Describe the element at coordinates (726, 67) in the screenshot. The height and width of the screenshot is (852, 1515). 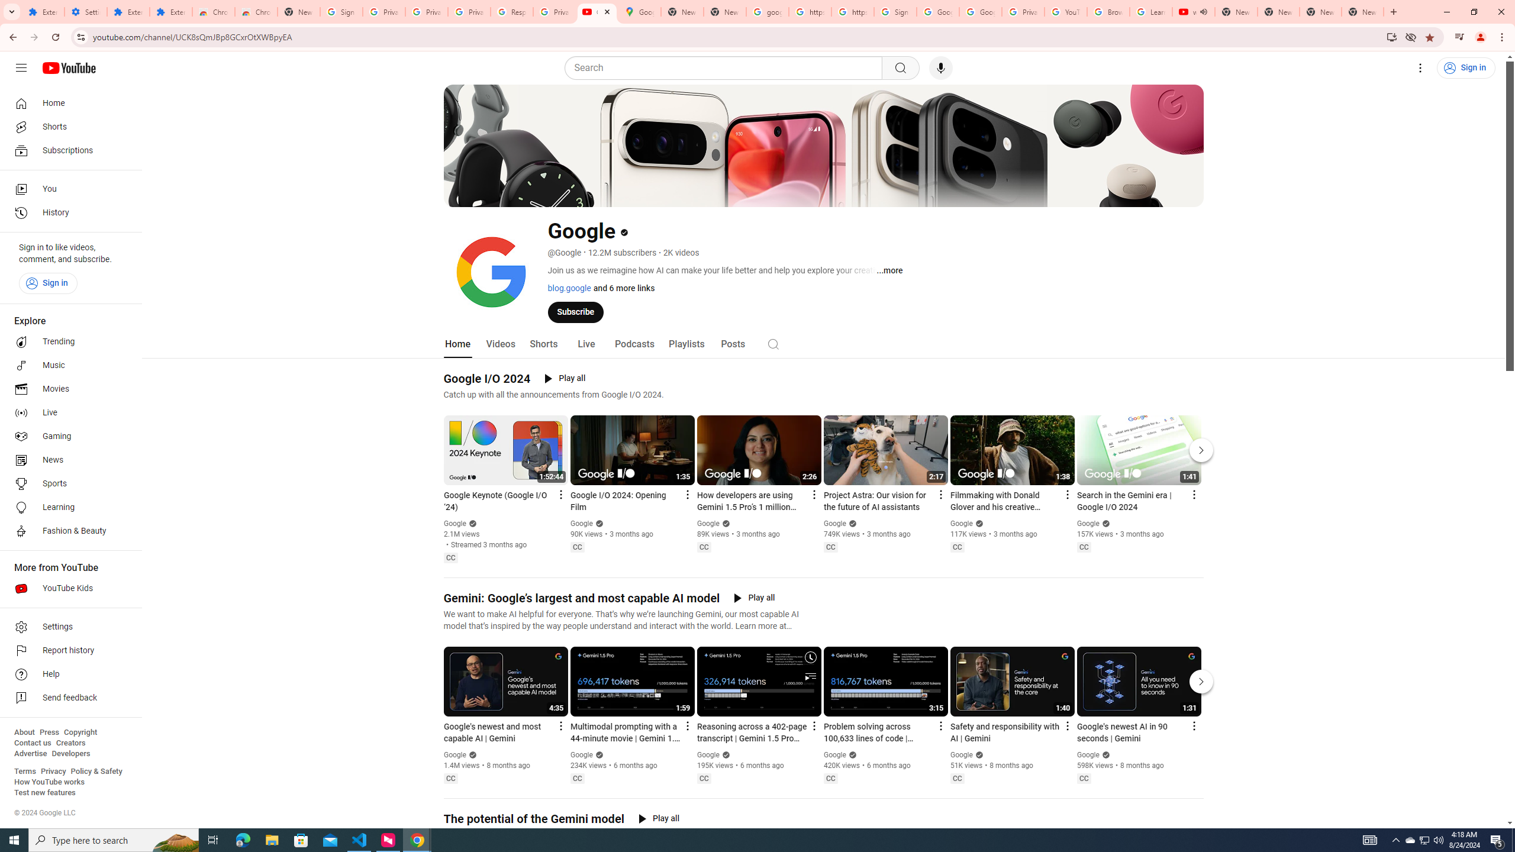
I see `'Search'` at that location.